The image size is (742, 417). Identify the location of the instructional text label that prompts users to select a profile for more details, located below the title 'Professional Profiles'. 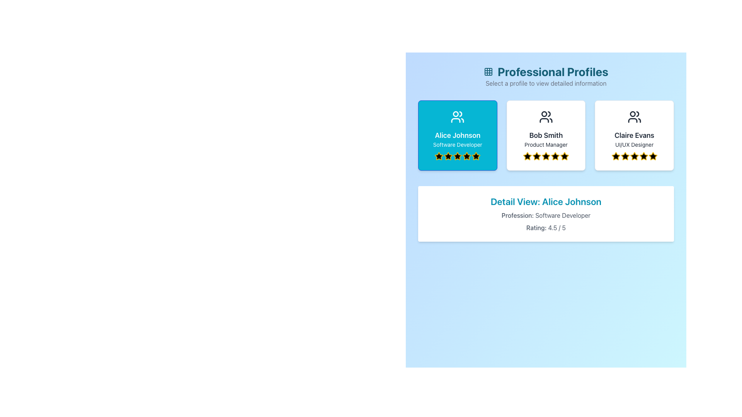
(545, 83).